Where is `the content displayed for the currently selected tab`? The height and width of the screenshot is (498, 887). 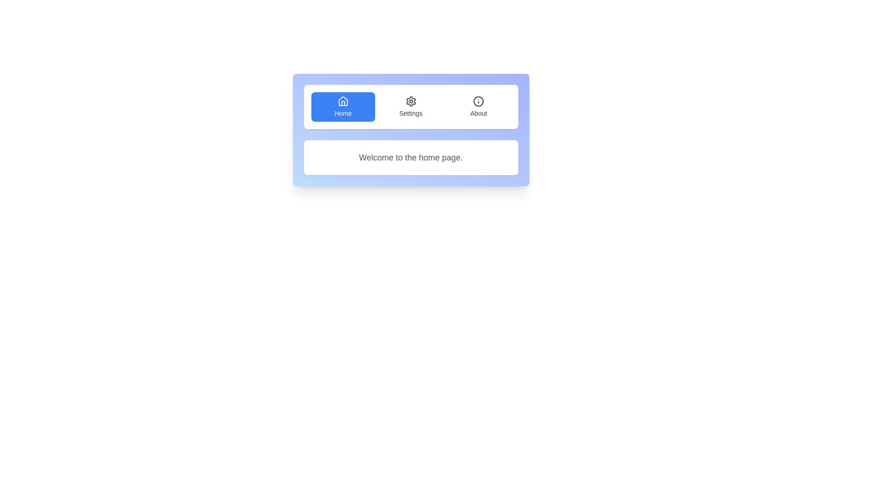 the content displayed for the currently selected tab is located at coordinates (410, 157).